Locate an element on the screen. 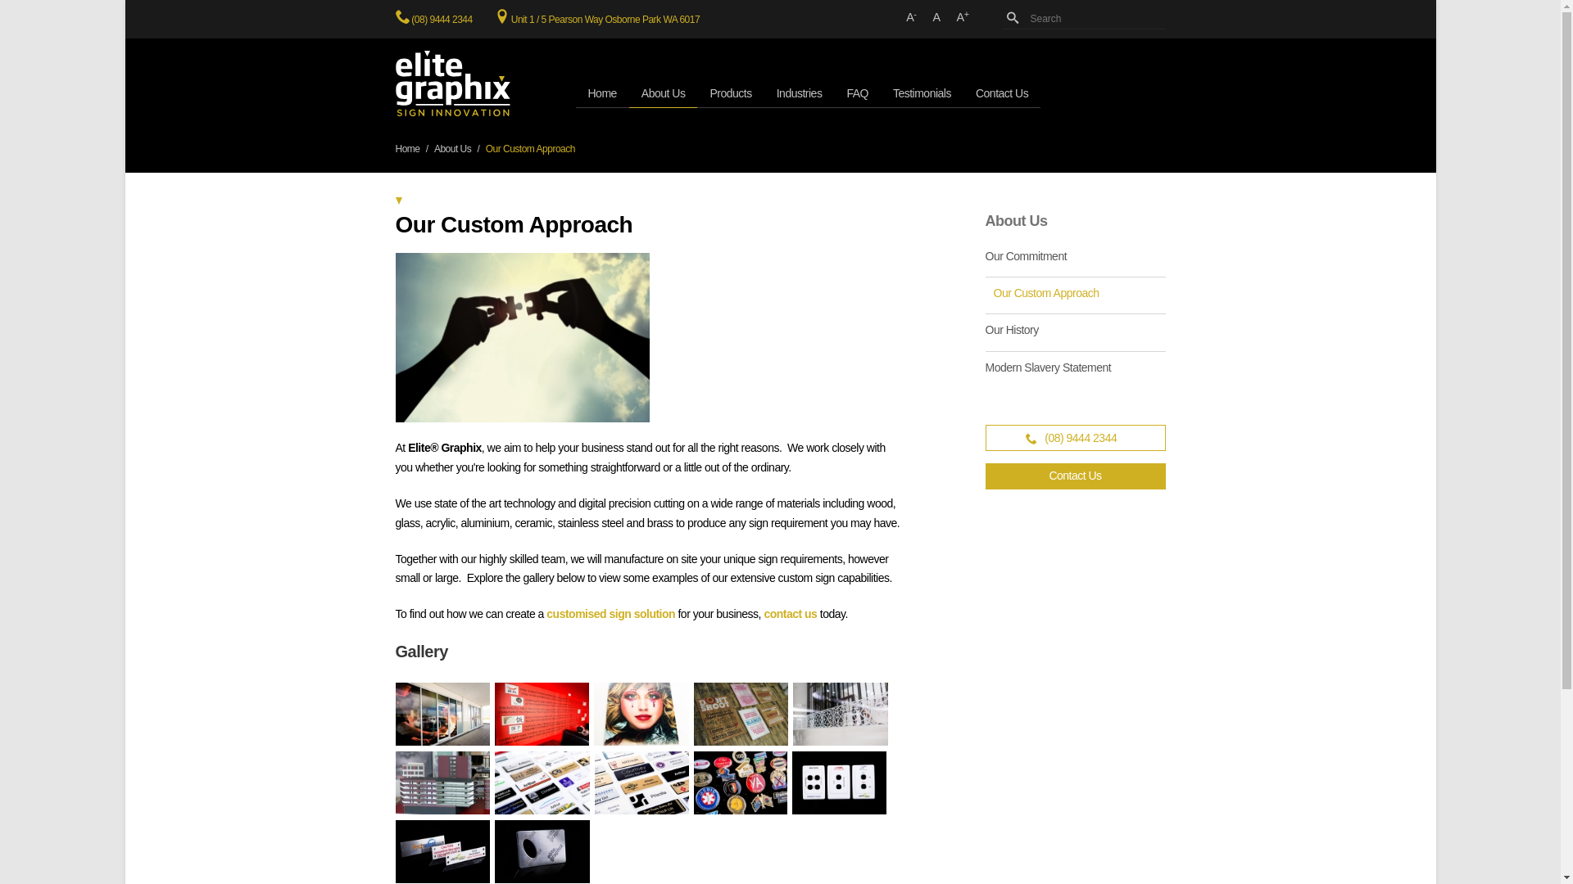  'Our Commitment' is located at coordinates (1074, 259).